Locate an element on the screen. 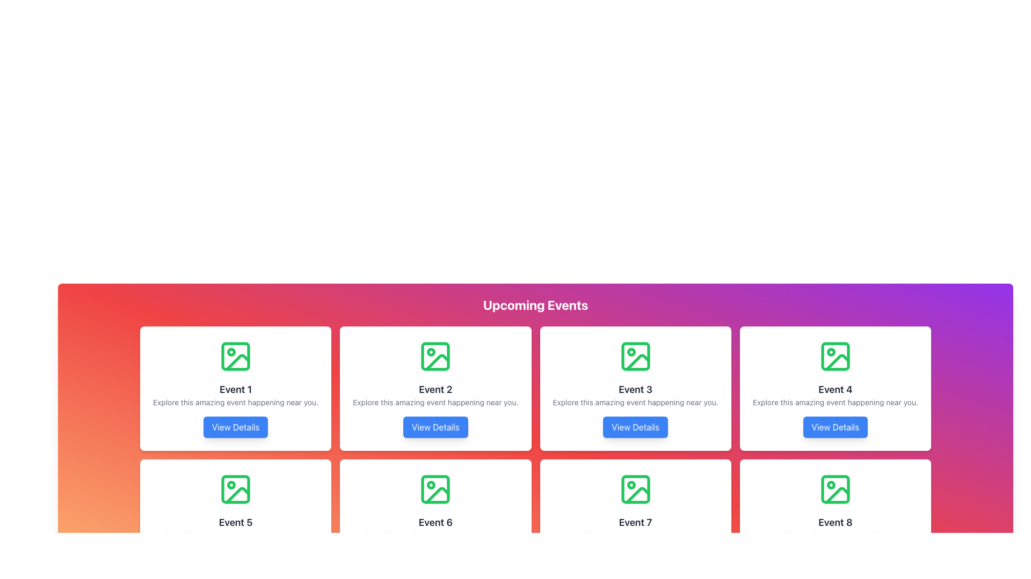 The width and height of the screenshot is (1031, 579). the icon located at the top section of the card layout titled 'Event 1', which serves as a visual representation for the event is located at coordinates (235, 356).